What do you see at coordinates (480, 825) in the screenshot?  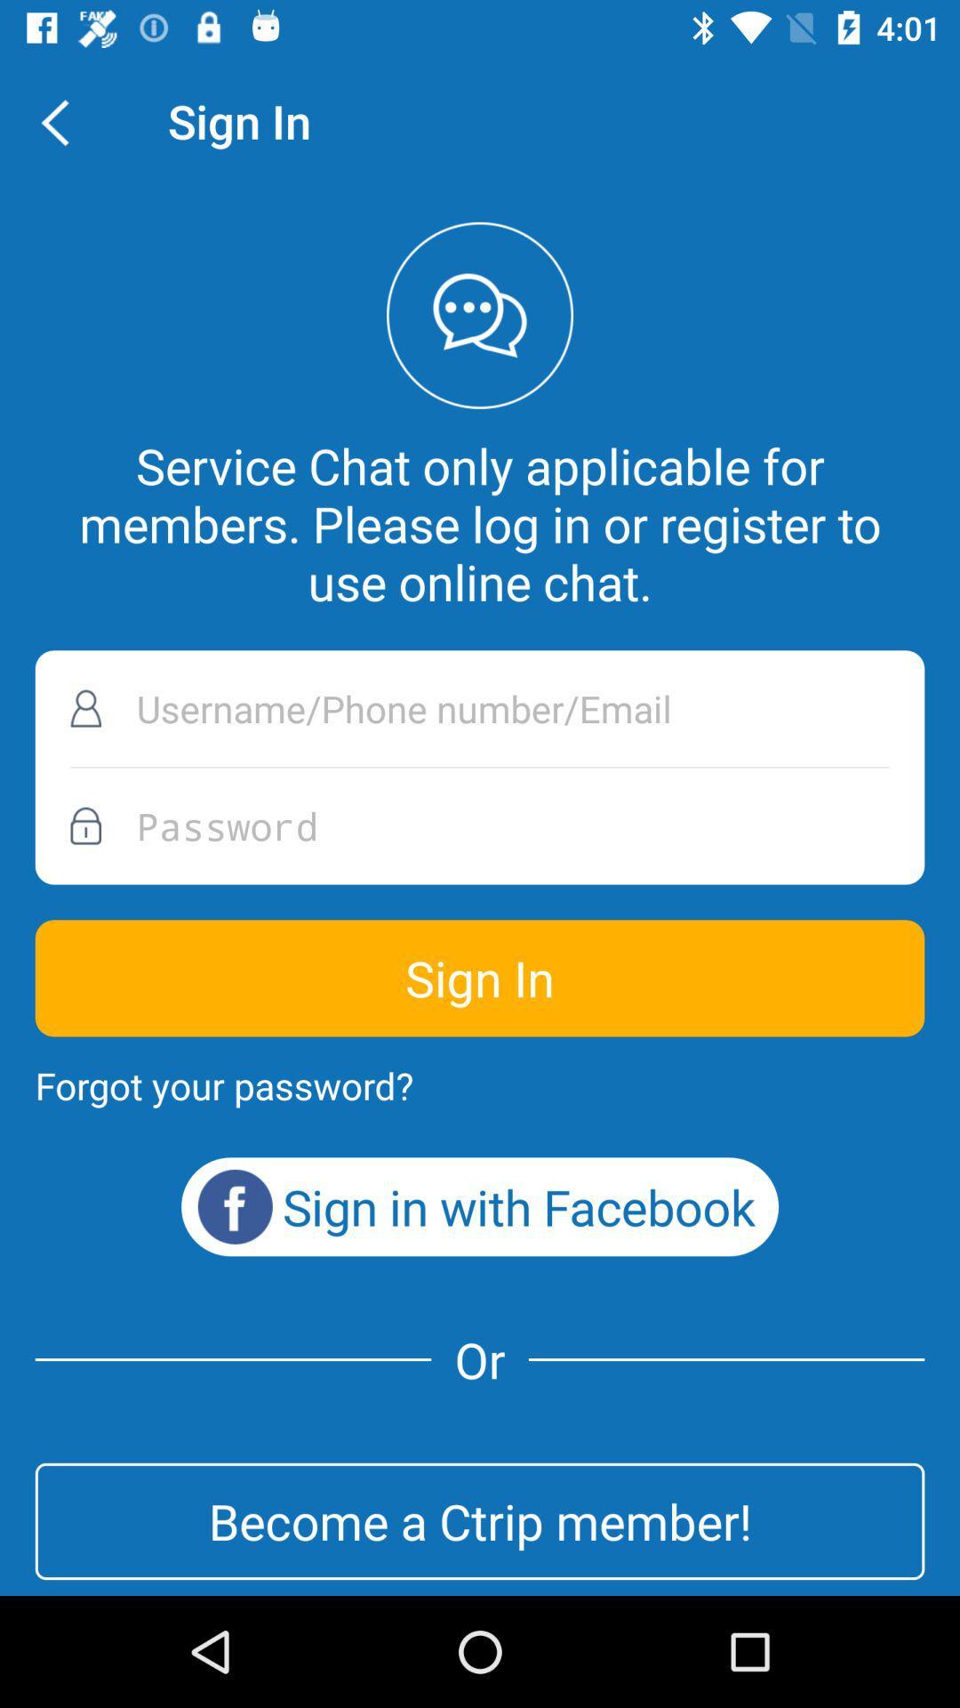 I see `password box` at bounding box center [480, 825].